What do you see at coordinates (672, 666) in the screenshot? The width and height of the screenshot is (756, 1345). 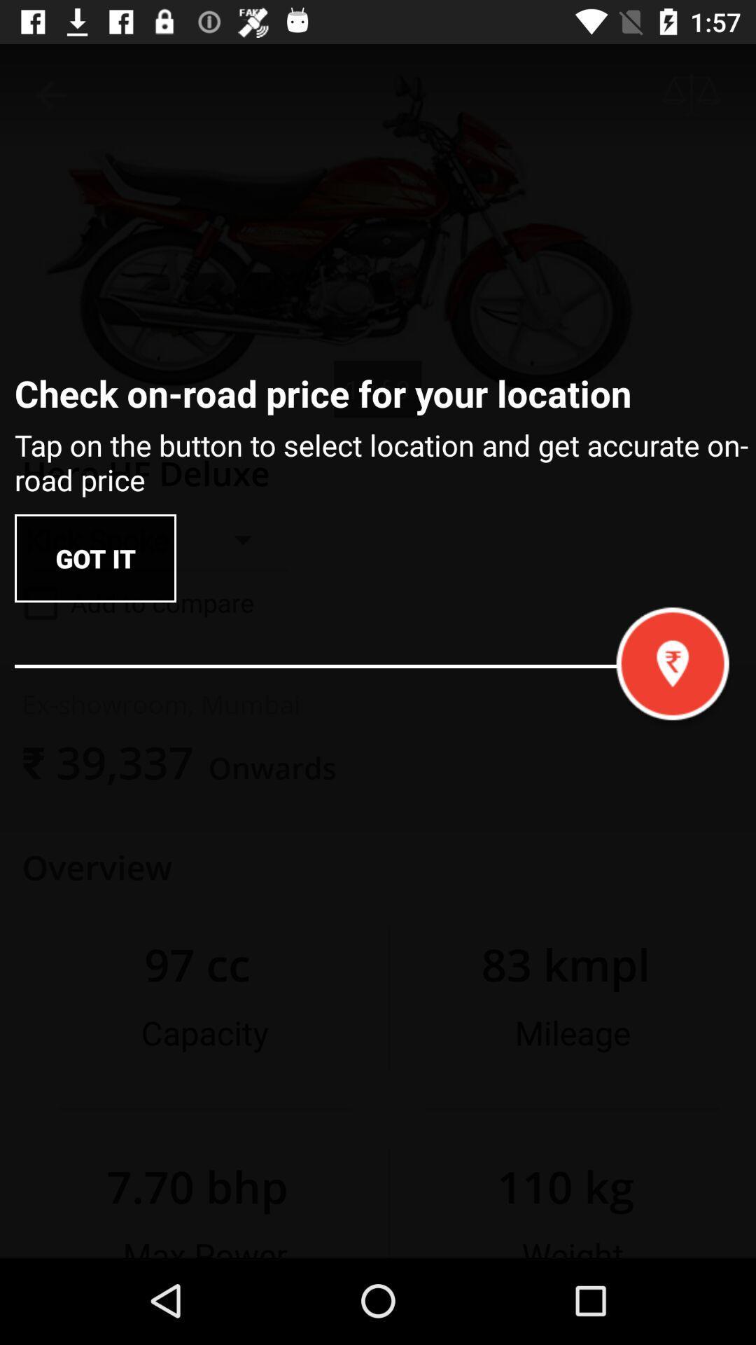 I see `the location icon` at bounding box center [672, 666].